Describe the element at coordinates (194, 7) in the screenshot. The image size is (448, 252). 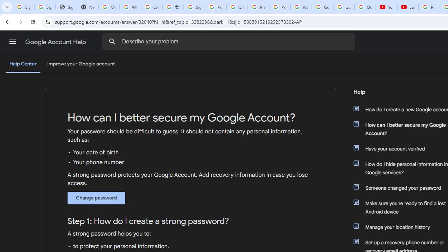
I see `'Sign in - Google Accounts'` at that location.